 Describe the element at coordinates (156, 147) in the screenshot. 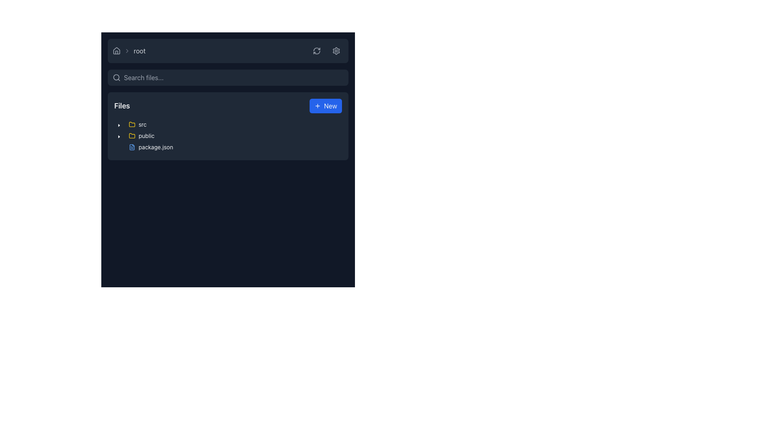

I see `the text label representing the file 'package.json' in the 'Files' section` at that location.